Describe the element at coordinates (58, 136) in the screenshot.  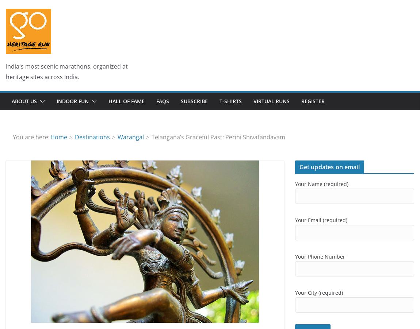
I see `'Home'` at that location.